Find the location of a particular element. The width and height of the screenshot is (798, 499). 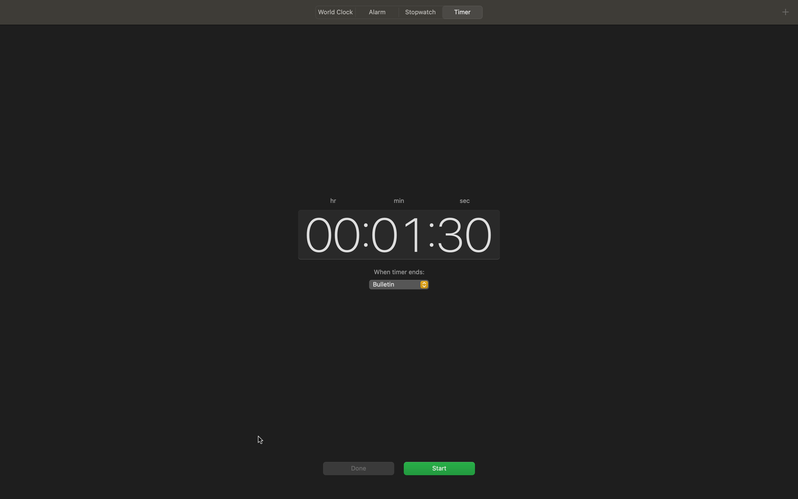

hours as 3 is located at coordinates (330, 233).